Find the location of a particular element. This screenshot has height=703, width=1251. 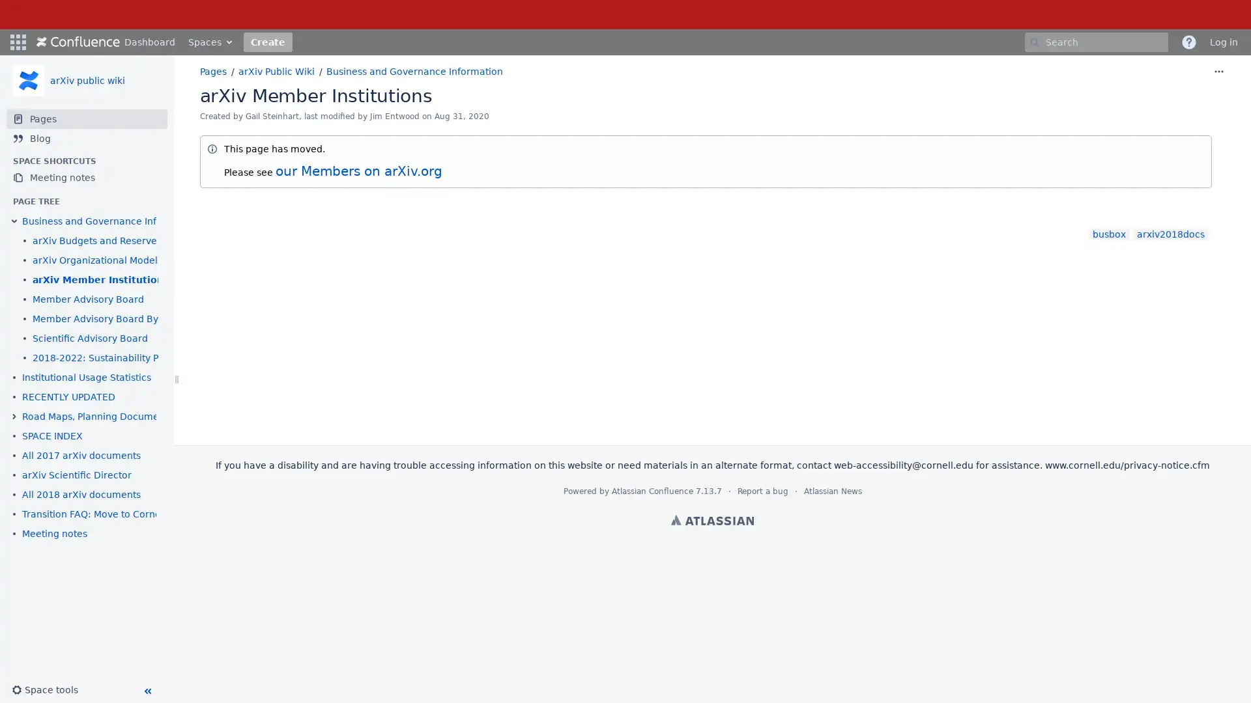

Collapse sidebar ( [ ) is located at coordinates (147, 690).